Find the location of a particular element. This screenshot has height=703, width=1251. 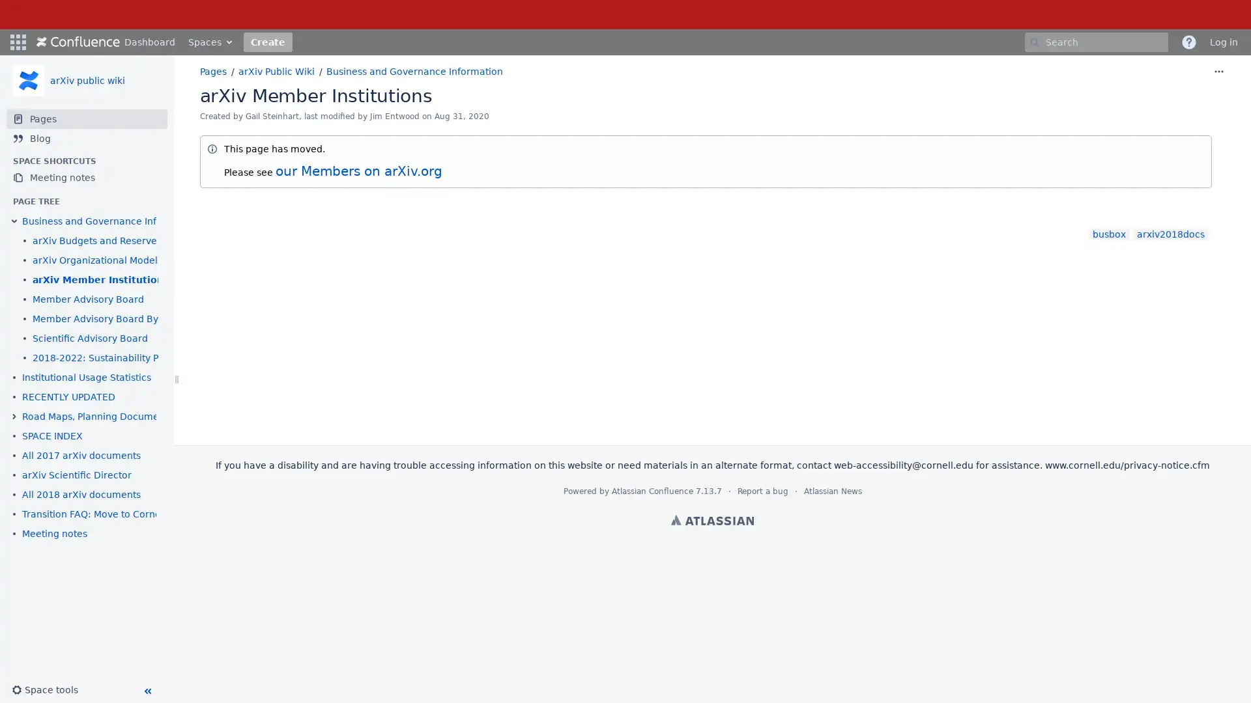

Collapse sidebar ( [ ) is located at coordinates (147, 690).